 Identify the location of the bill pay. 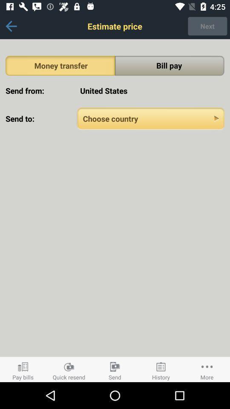
(170, 65).